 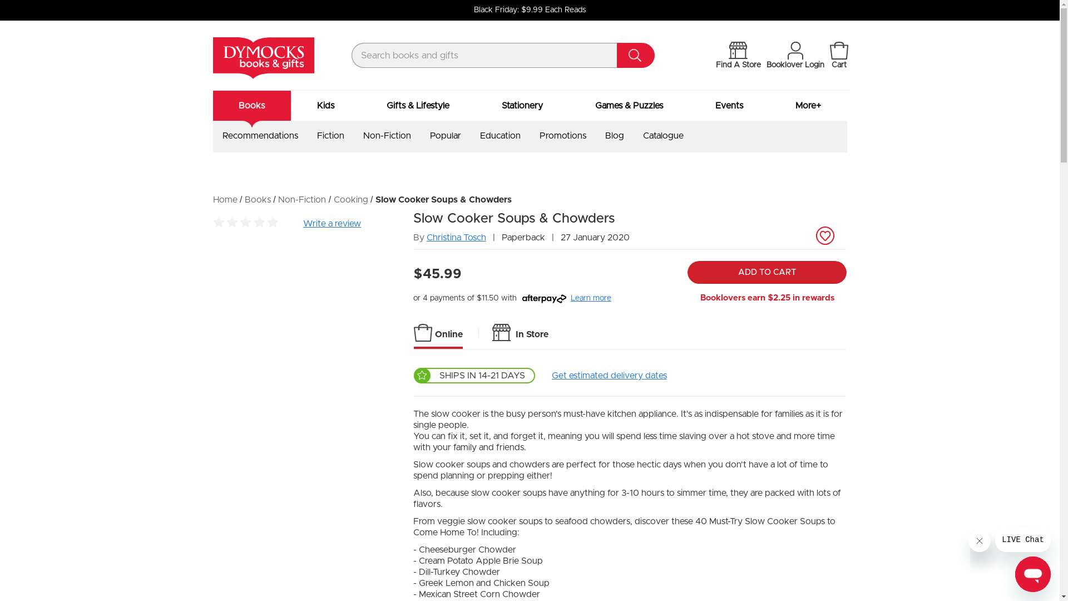 I want to click on 'Non-Fiction', so click(x=387, y=135).